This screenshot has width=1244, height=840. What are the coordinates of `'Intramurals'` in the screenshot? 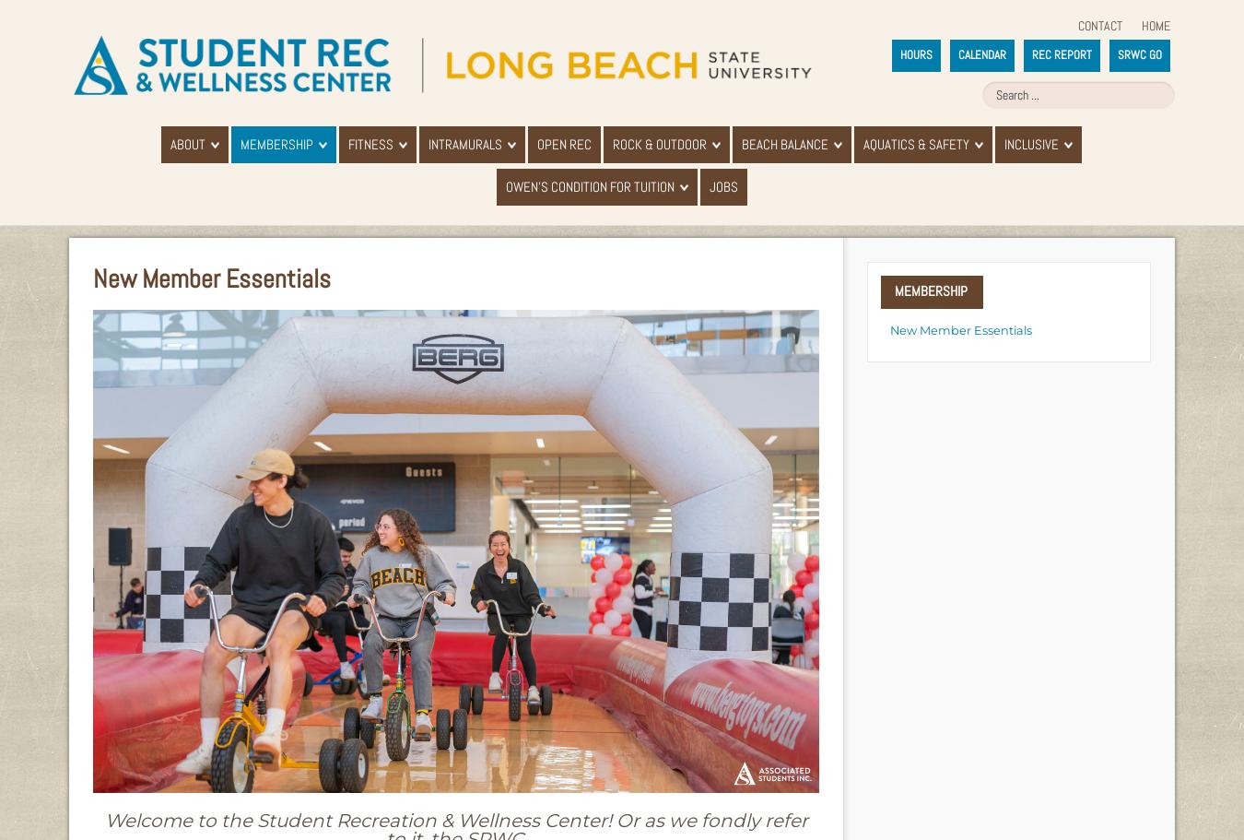 It's located at (464, 144).